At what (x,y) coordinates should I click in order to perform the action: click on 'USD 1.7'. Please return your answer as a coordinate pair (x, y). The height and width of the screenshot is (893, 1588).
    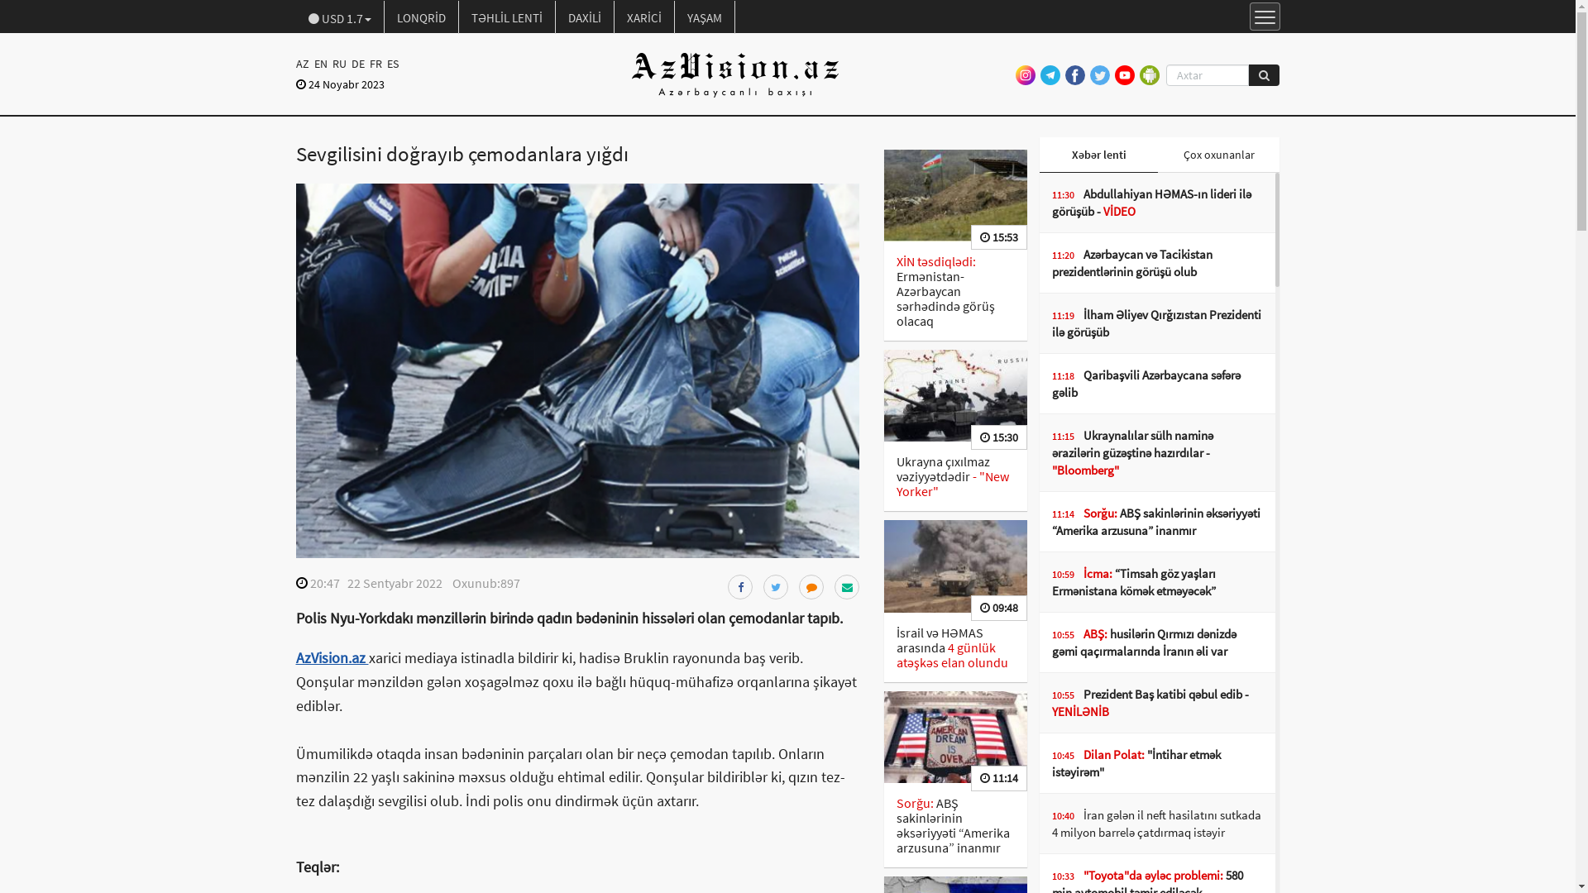
    Looking at the image, I should click on (296, 17).